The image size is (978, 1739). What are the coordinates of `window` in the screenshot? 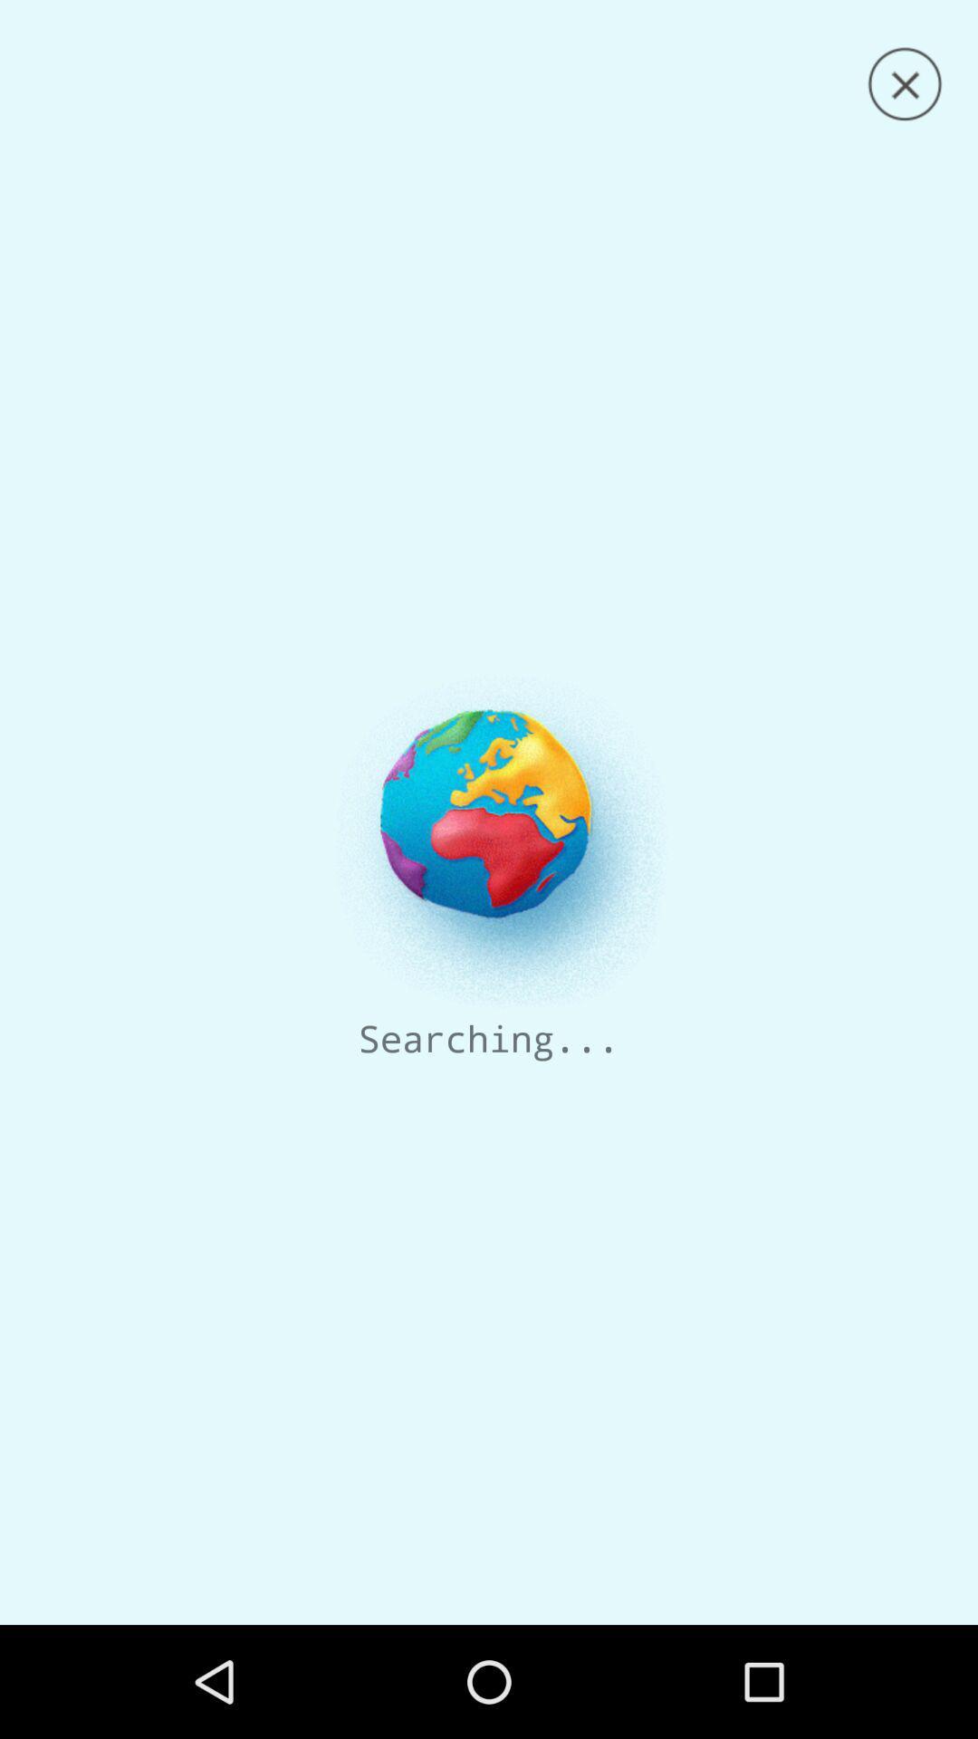 It's located at (905, 83).